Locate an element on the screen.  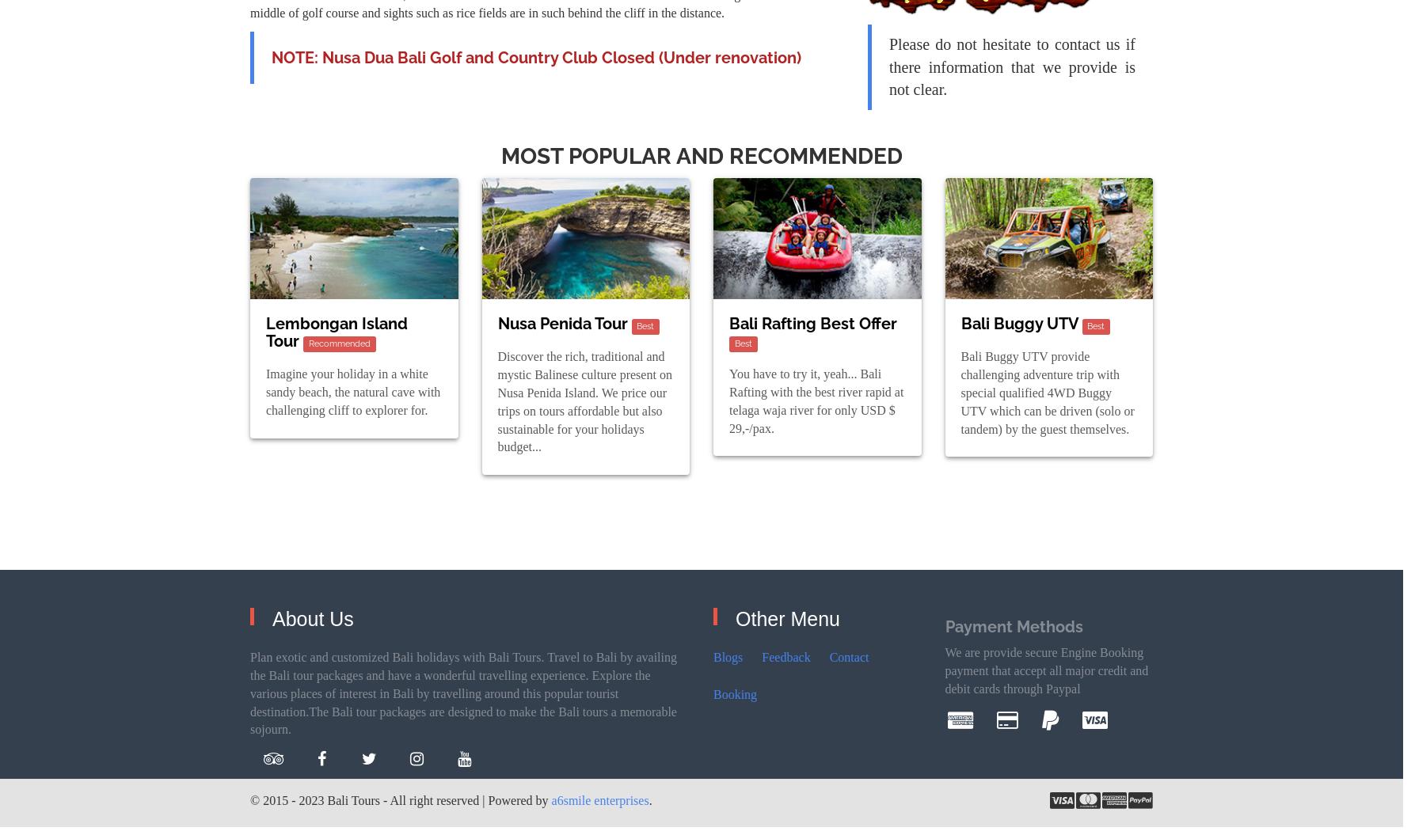
'Other Menu' is located at coordinates (787, 617).